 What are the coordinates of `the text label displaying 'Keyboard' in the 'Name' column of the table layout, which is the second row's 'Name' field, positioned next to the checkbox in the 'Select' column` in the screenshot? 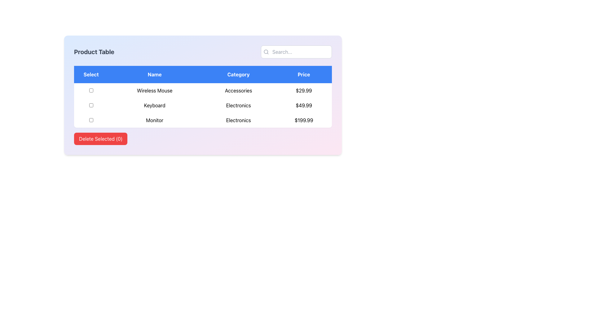 It's located at (155, 105).